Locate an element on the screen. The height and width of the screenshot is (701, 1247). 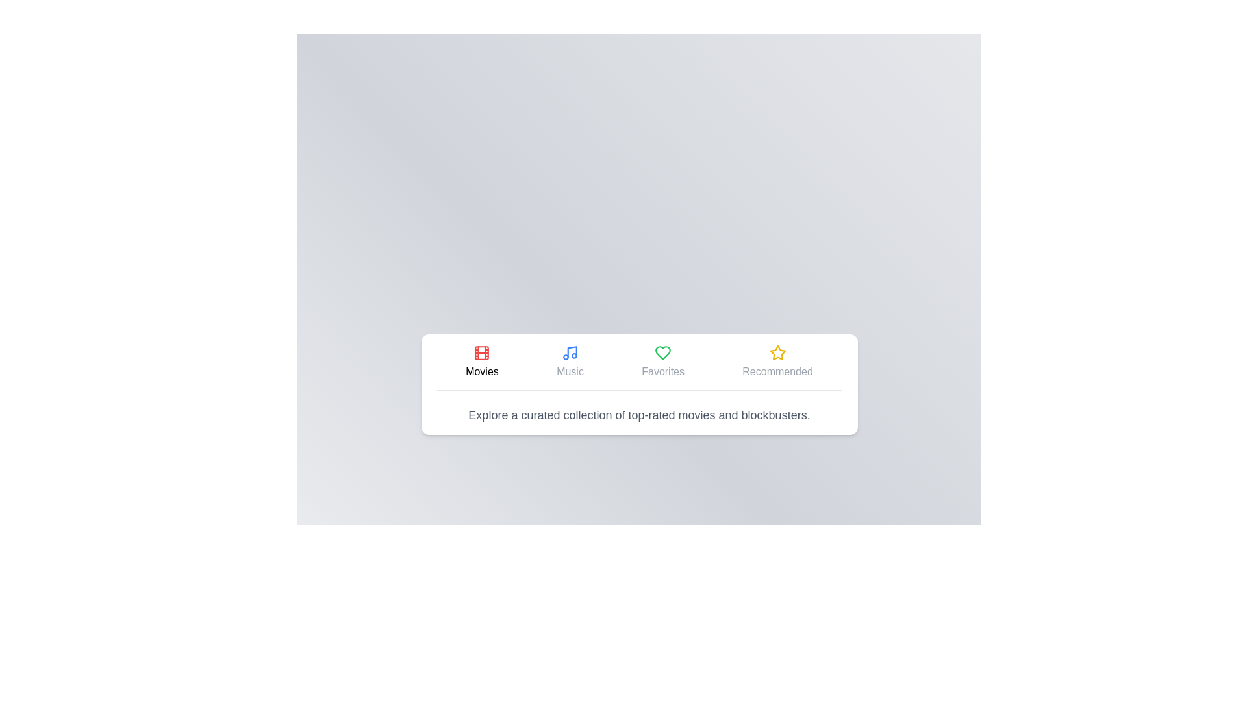
the Movies tab to observe style changes is located at coordinates (481, 362).